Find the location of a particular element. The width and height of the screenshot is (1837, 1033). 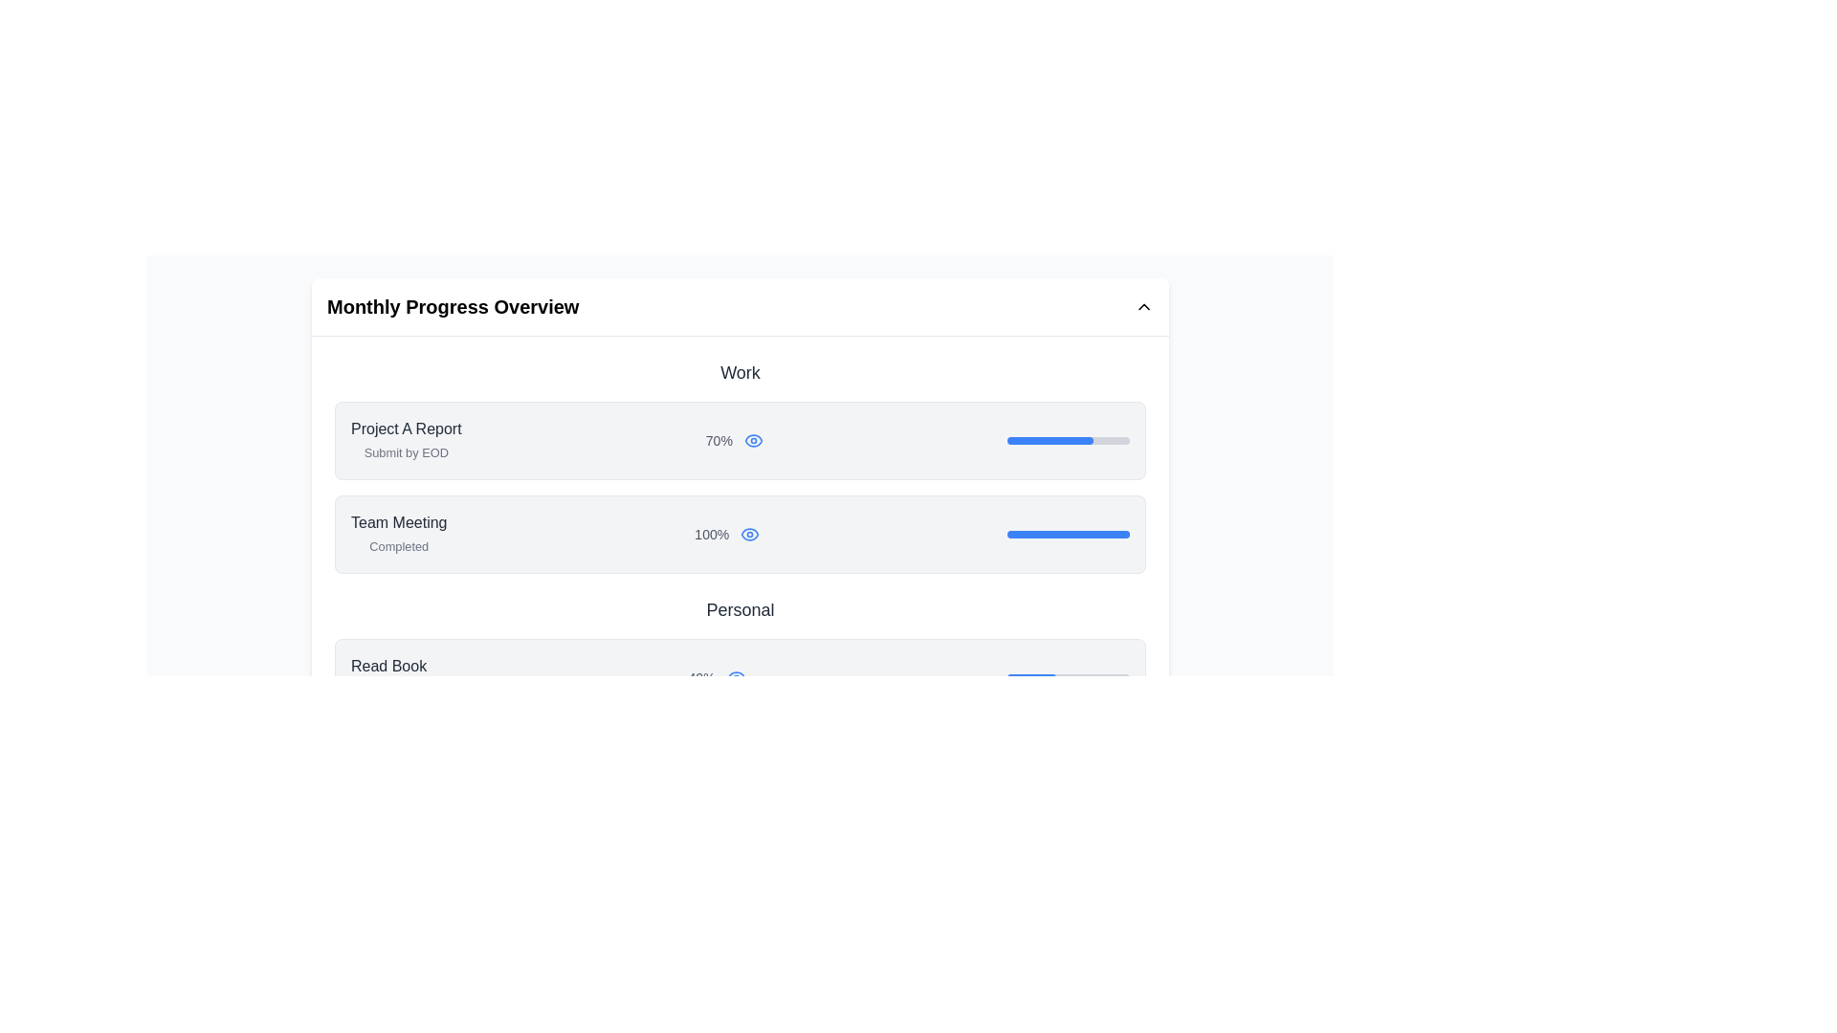

the 'Team Meeting' text label that indicates task completion, located in the second card under the 'Work' category of the 'Monthly Progress Overview' interface is located at coordinates (398, 535).